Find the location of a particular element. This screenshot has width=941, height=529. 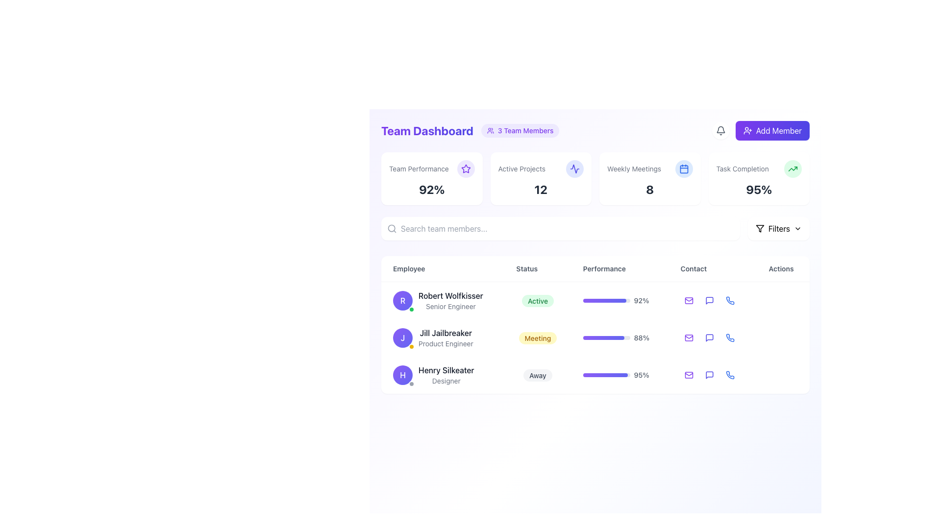

the interactive email icon for employee 'Robert Wolfkisser' in the 'Contact' column is located at coordinates (688, 300).